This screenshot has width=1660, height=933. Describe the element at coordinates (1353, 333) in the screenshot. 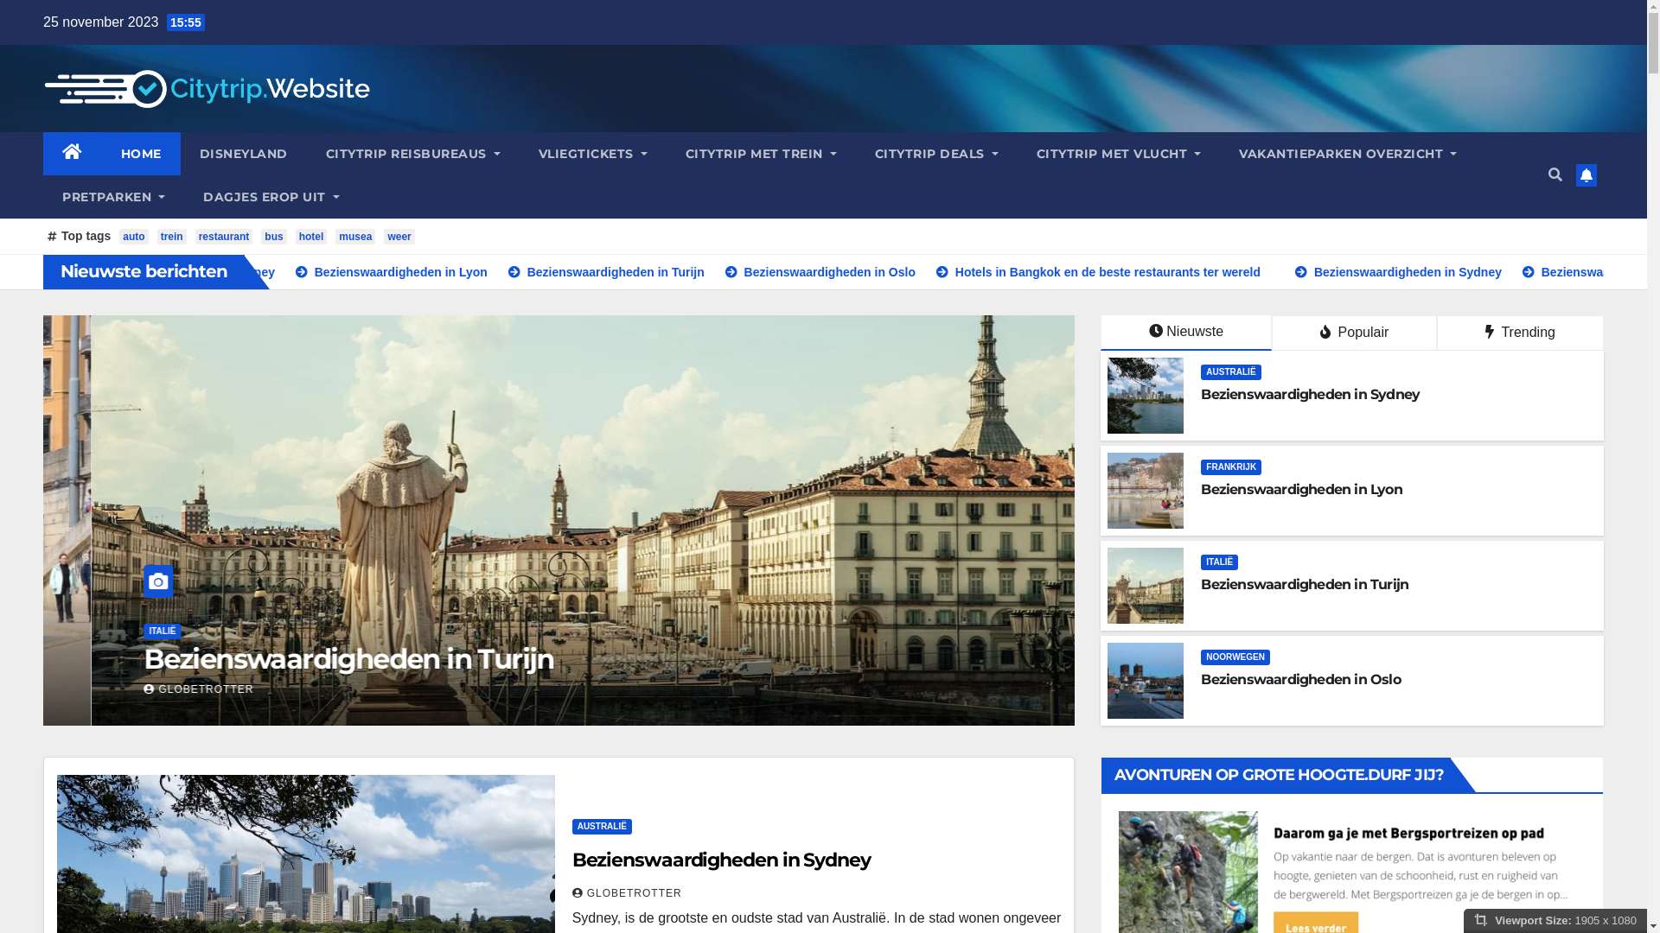

I see `'Populair'` at that location.